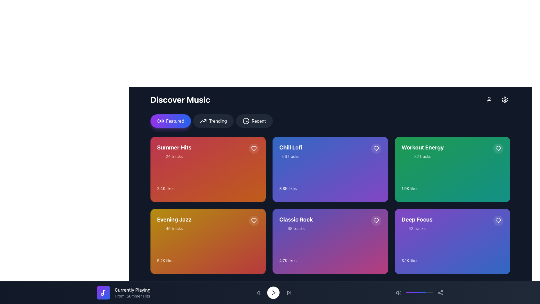 Image resolution: width=540 pixels, height=304 pixels. What do you see at coordinates (498, 148) in the screenshot?
I see `the heart icon located in the top-right corner of the 'Workout Energy' card` at bounding box center [498, 148].